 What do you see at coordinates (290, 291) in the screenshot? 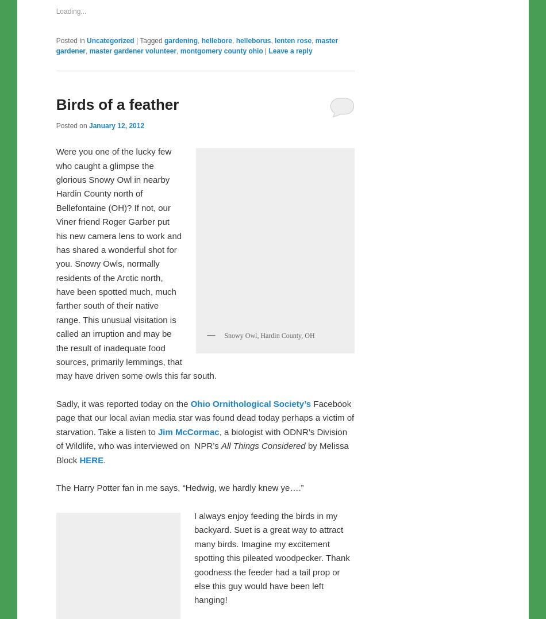
I see `'Leave a reply'` at bounding box center [290, 291].